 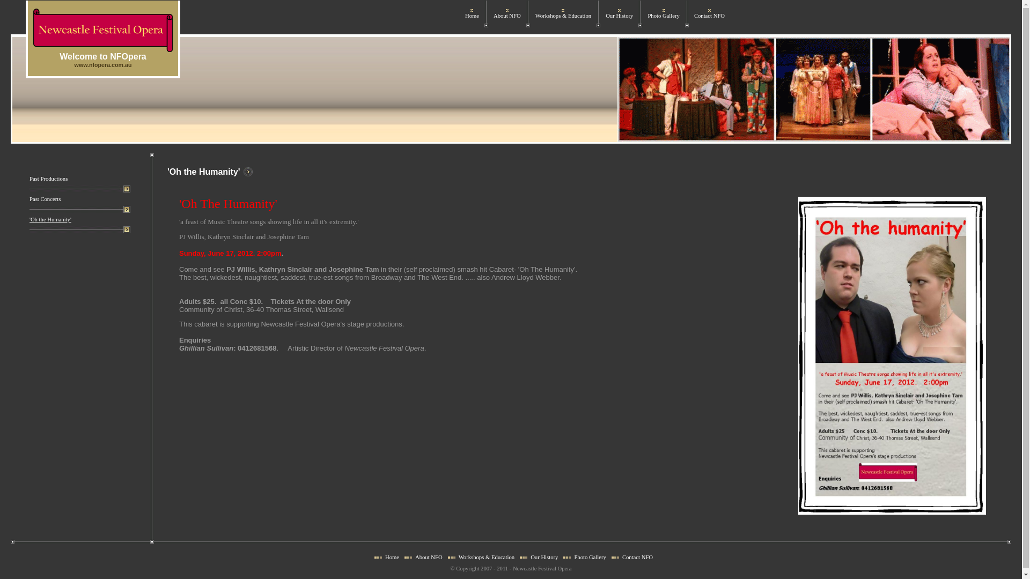 What do you see at coordinates (589, 556) in the screenshot?
I see `'Photo Gallery'` at bounding box center [589, 556].